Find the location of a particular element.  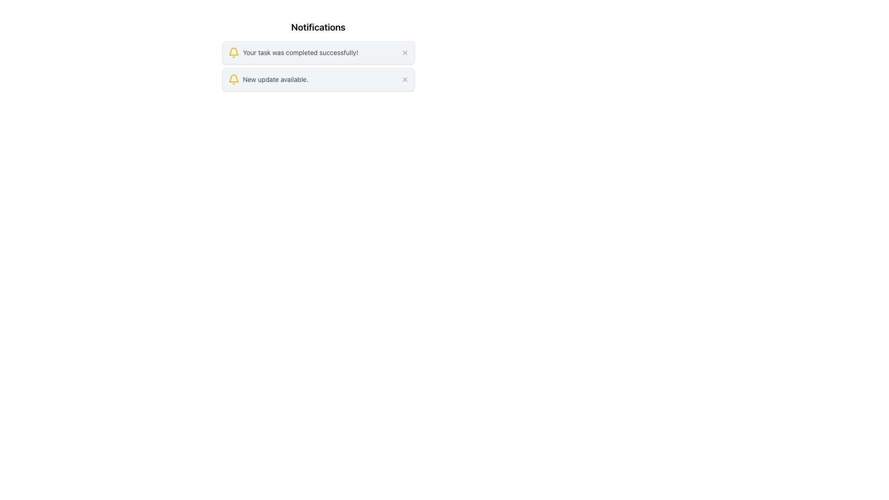

the small gray 'X' icon button located at the top-right corner of the notification message box to change its color to red is located at coordinates (405, 53).